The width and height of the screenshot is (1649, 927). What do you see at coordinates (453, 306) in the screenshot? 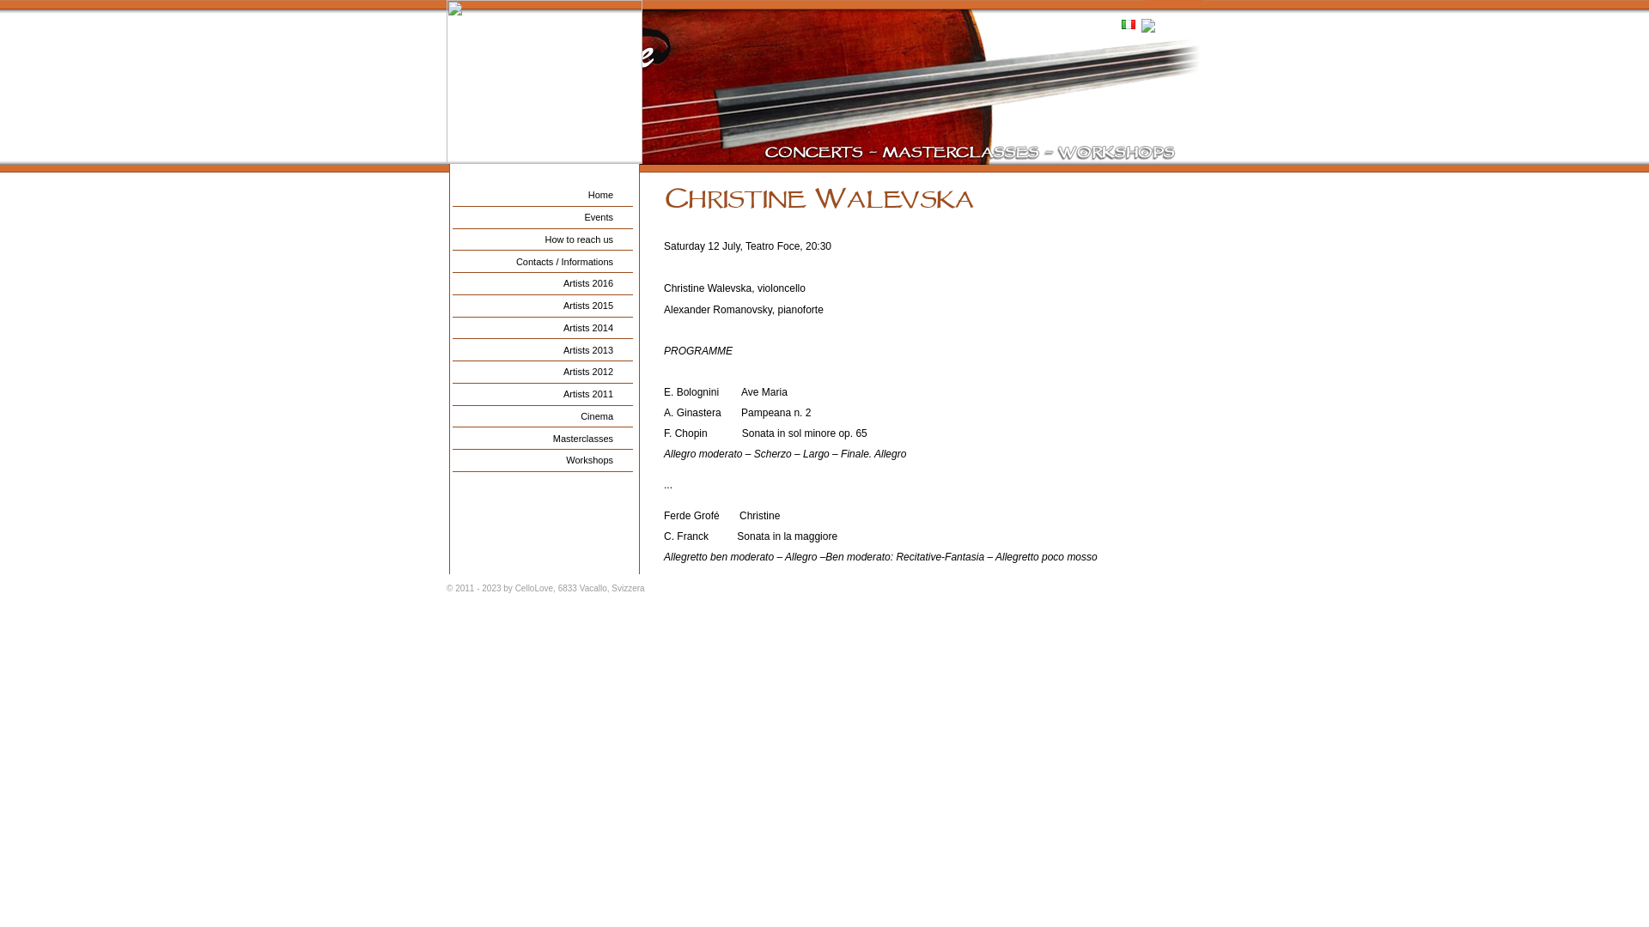
I see `'Artists 2015'` at bounding box center [453, 306].